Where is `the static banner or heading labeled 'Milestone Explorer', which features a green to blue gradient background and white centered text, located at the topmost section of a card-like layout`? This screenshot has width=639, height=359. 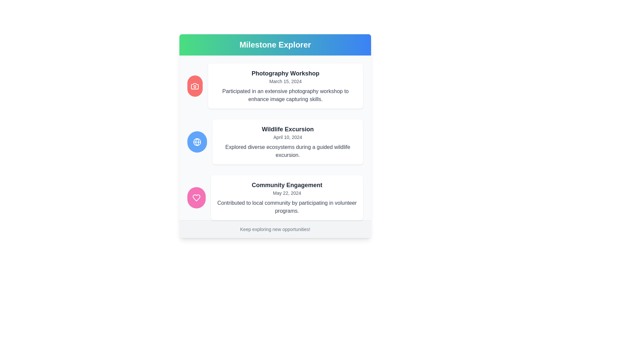 the static banner or heading labeled 'Milestone Explorer', which features a green to blue gradient background and white centered text, located at the topmost section of a card-like layout is located at coordinates (275, 45).